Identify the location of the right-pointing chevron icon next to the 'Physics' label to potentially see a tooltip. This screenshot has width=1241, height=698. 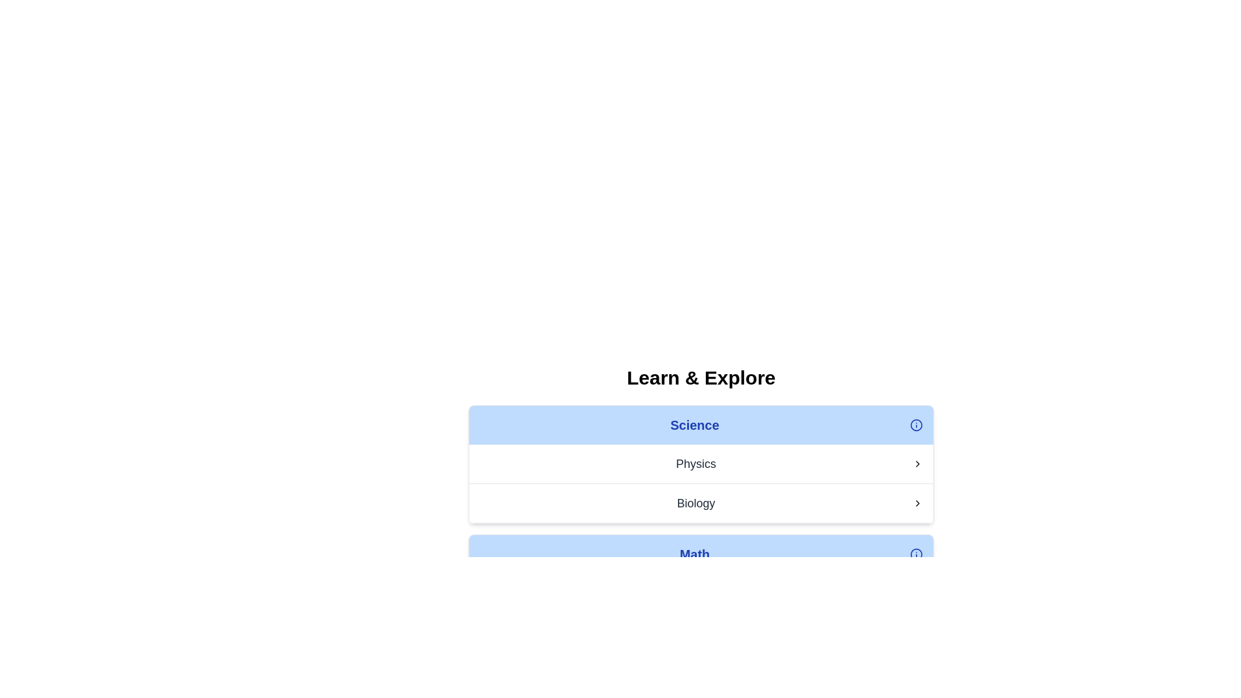
(917, 463).